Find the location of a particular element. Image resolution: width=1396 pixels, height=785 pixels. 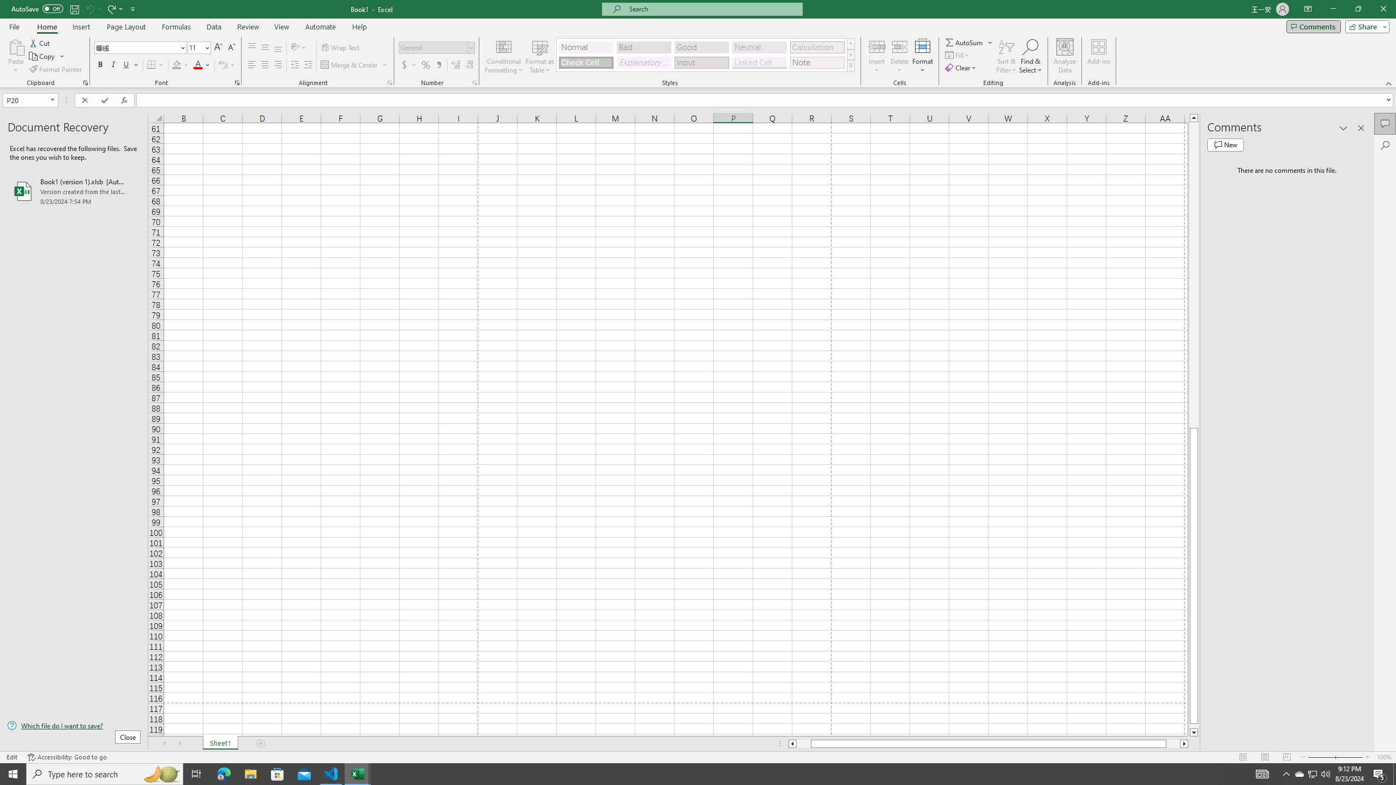

'Font Color' is located at coordinates (202, 64).